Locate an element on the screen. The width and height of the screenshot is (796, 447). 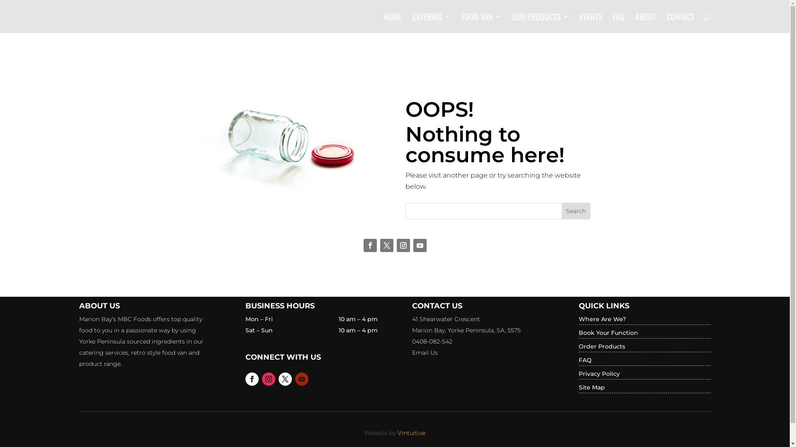
'Where Are We?' is located at coordinates (602, 319).